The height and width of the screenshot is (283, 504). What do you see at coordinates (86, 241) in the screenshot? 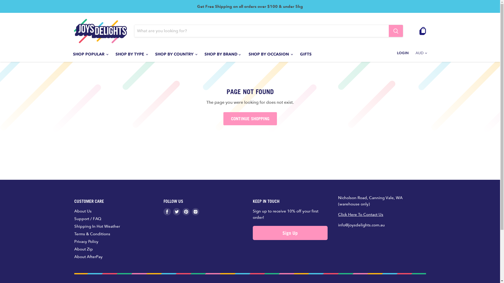
I see `'Privacy Policy'` at bounding box center [86, 241].